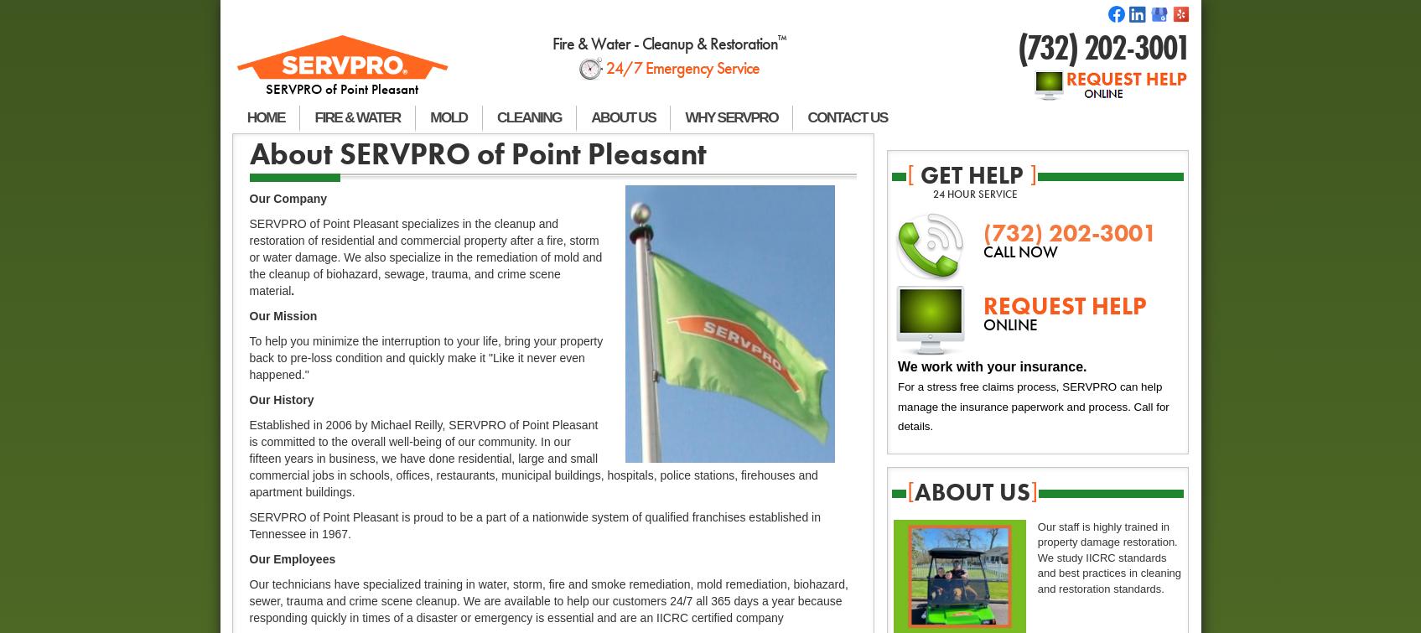 Image resolution: width=1421 pixels, height=633 pixels. I want to click on 'Our technicians have specialized training in water, storm, fire and smoke remediation, mold remediation, biohazard, sewer, trauma and crime scene cleanup. We are available to help our customers 24/7 all 365 days a year because responding quickly in times of a disaster or emergency is essential and are an IICRC certified company', so click(547, 600).